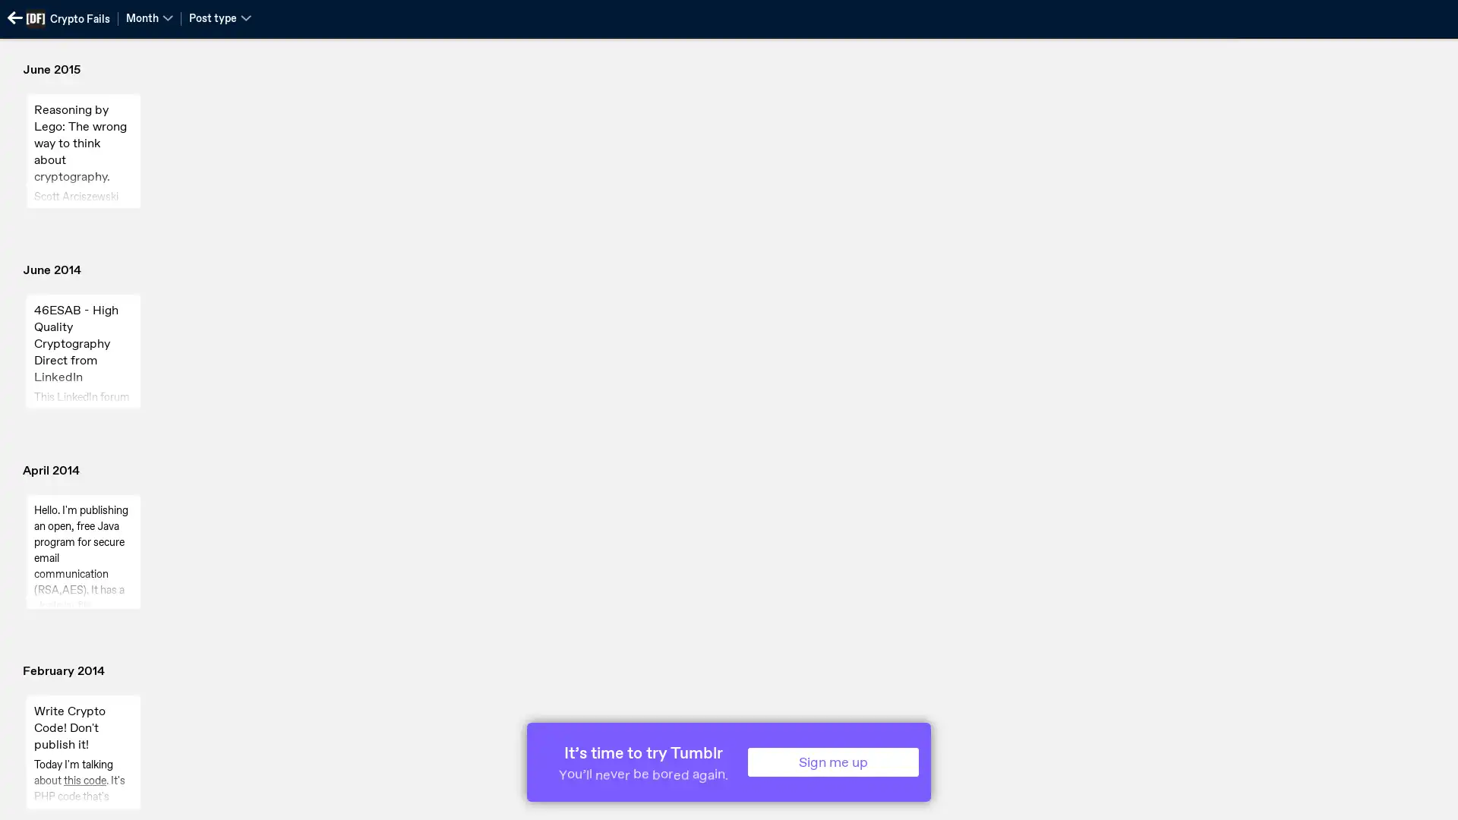  Describe the element at coordinates (219, 17) in the screenshot. I see `Post type` at that location.